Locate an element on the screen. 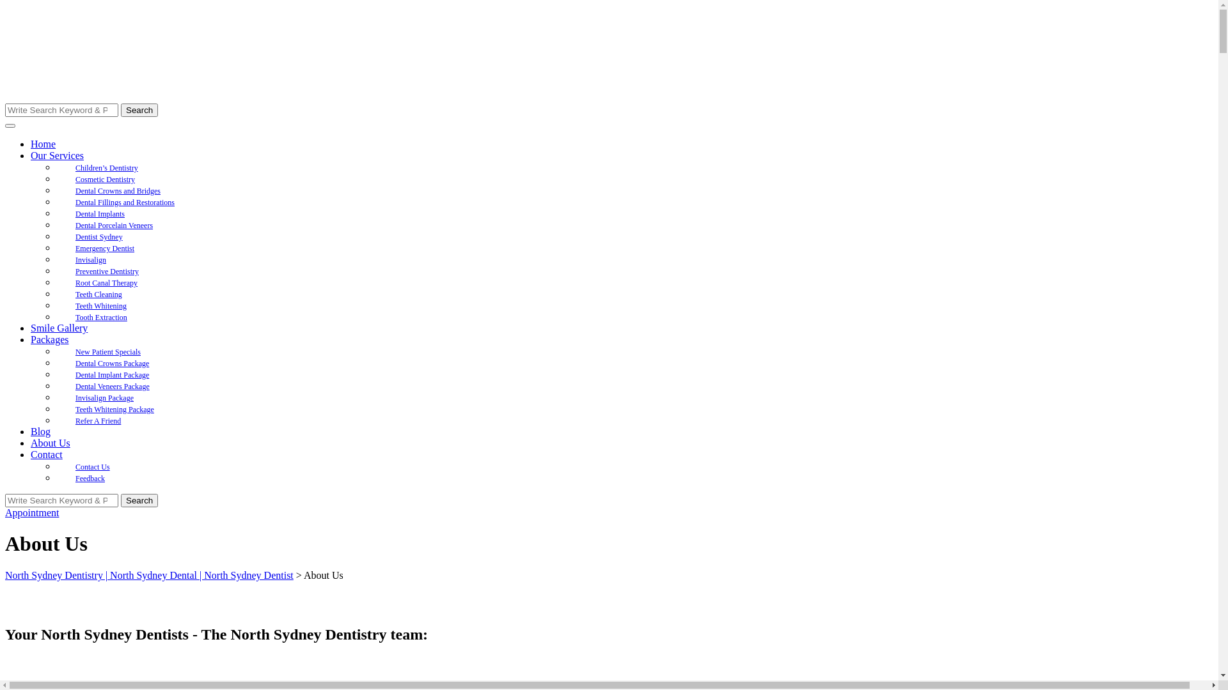  'About Us' is located at coordinates (50, 442).